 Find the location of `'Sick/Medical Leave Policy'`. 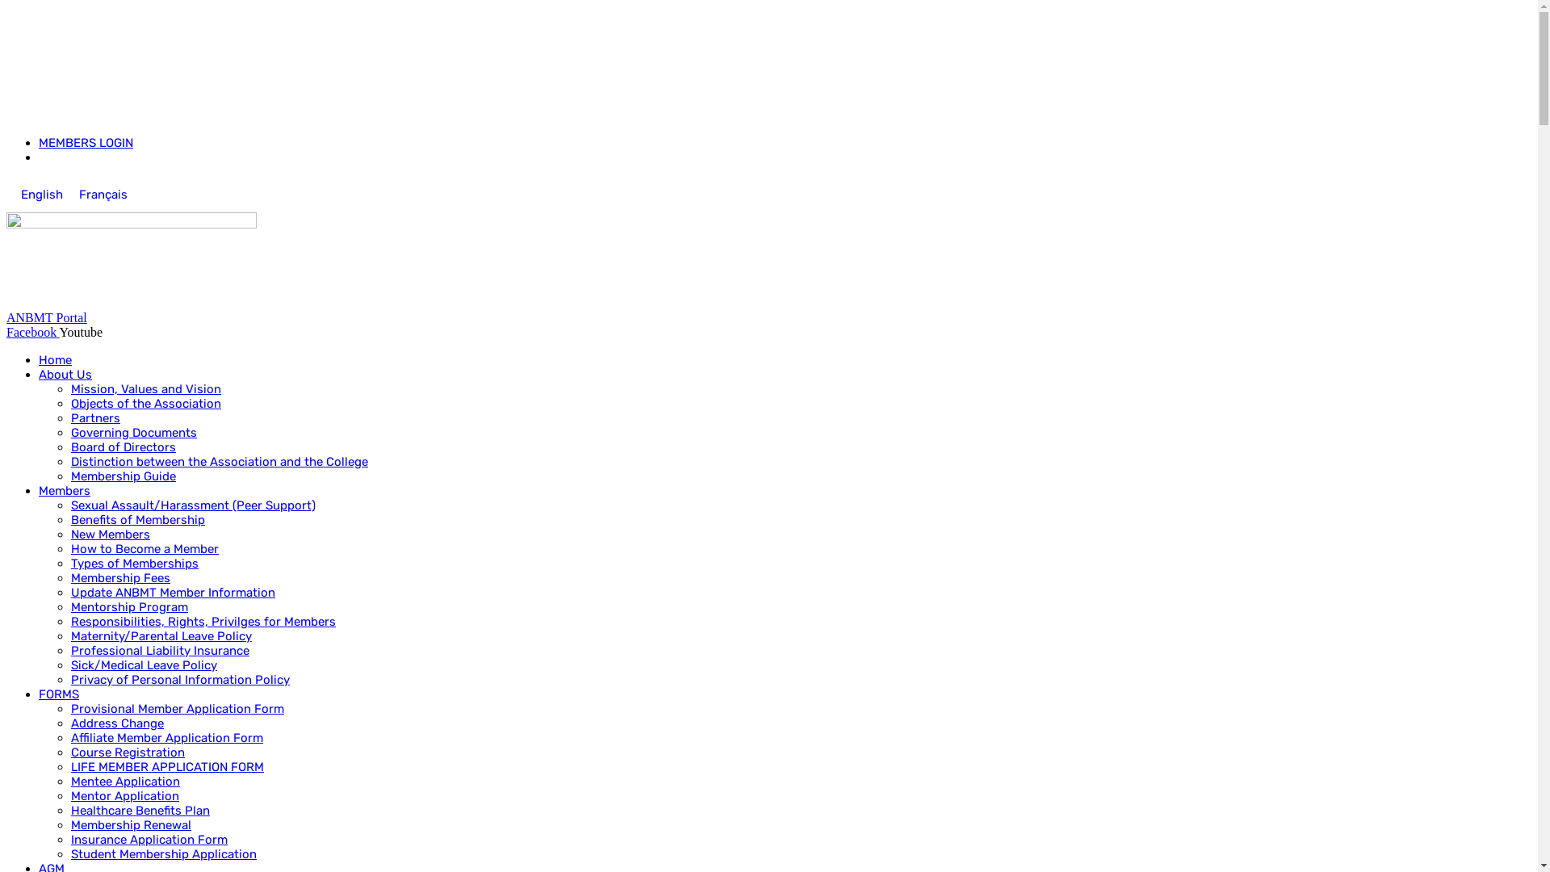

'Sick/Medical Leave Policy' is located at coordinates (144, 665).